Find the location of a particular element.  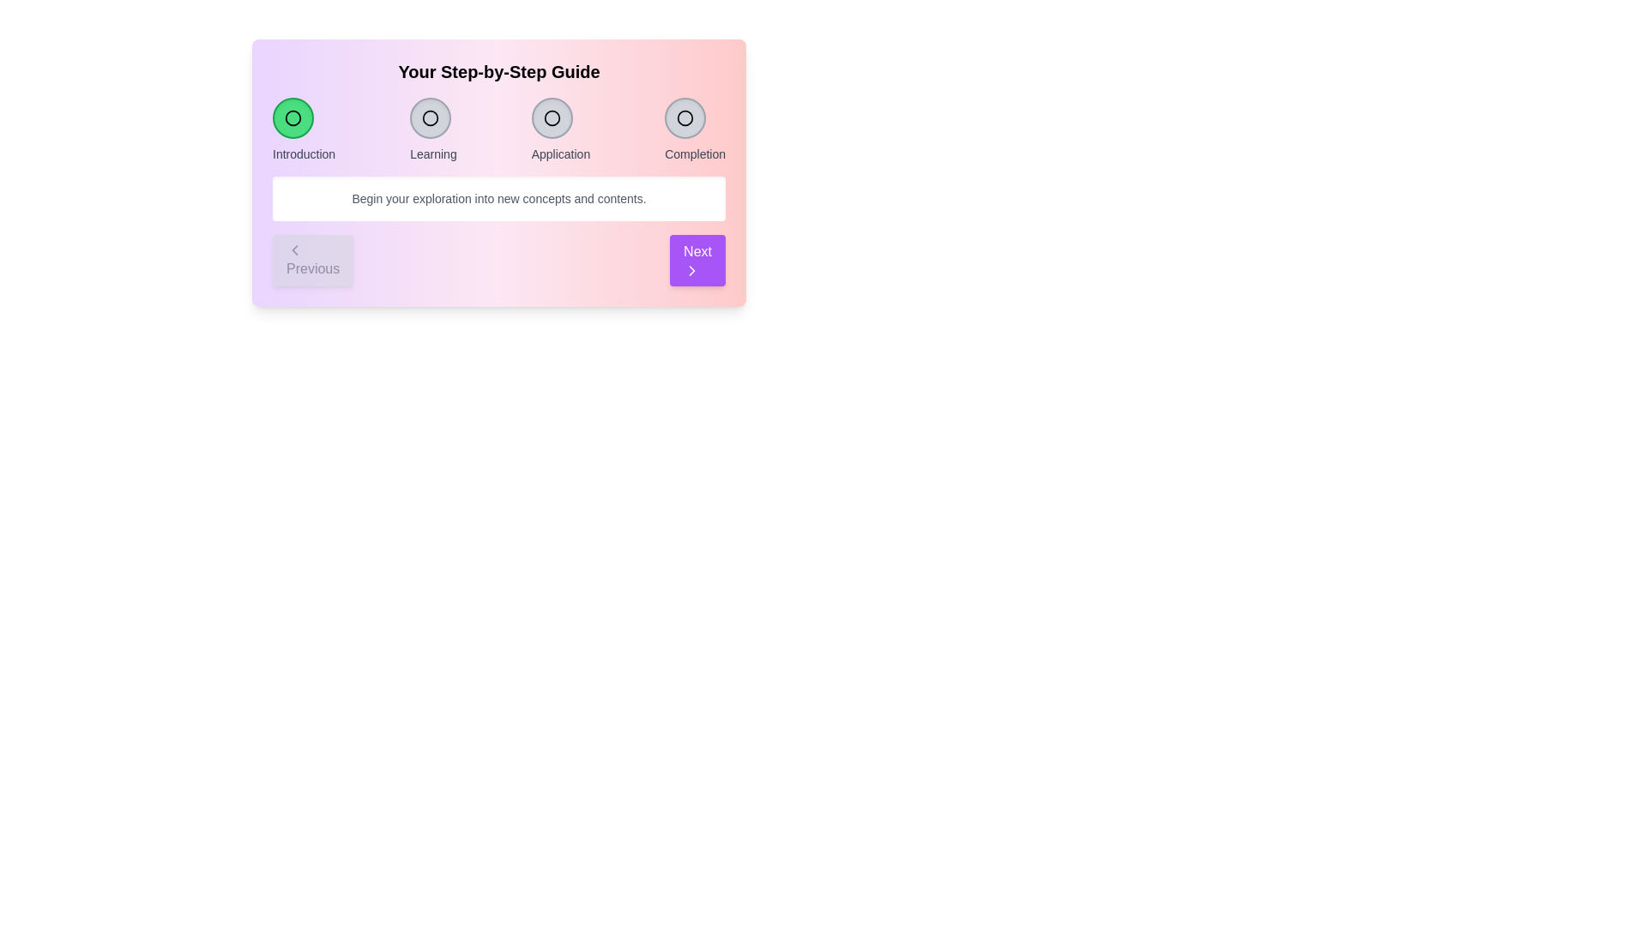

text of the label identified as 'Introduction', which is a smaller, medium-weight grayish text located centrally below a green circular button is located at coordinates (304, 154).